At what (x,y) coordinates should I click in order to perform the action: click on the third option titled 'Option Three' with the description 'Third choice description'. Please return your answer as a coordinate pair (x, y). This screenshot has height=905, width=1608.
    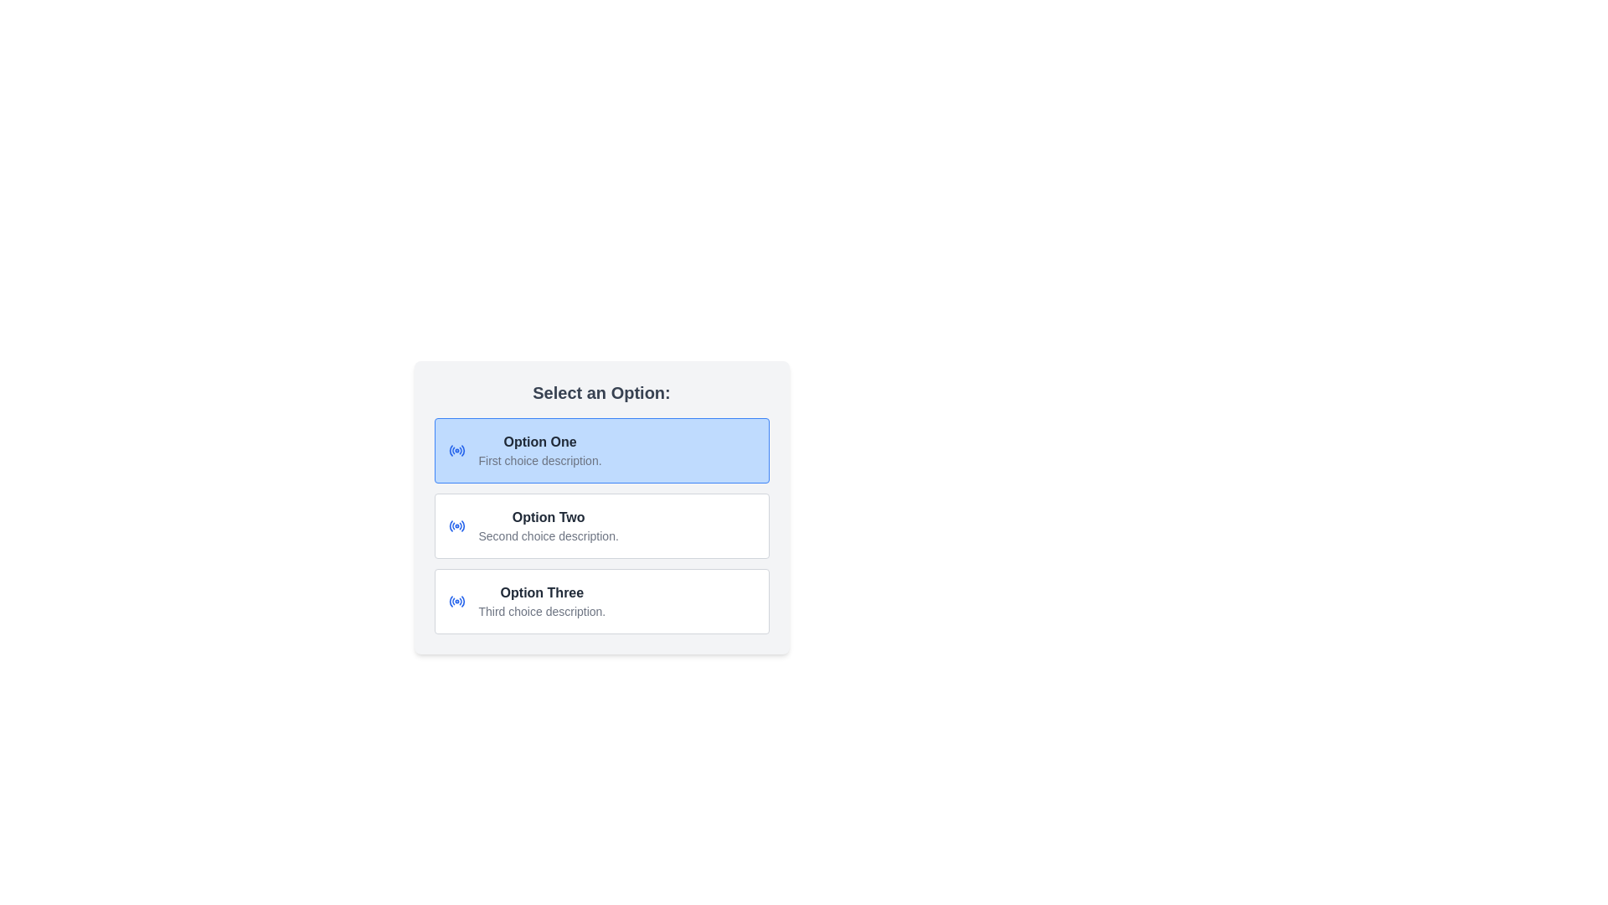
    Looking at the image, I should click on (542, 600).